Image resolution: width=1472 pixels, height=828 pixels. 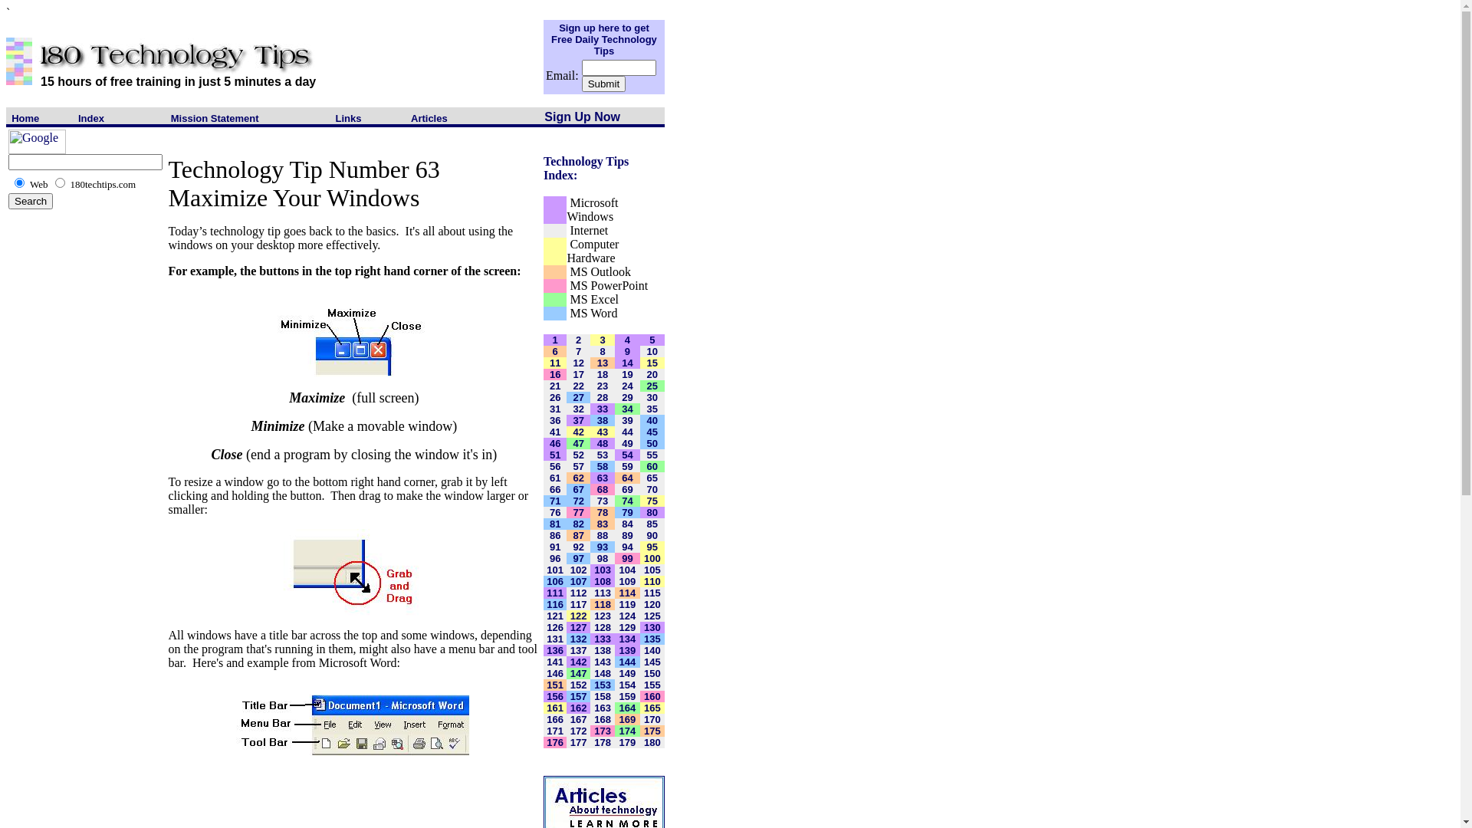 What do you see at coordinates (577, 385) in the screenshot?
I see `'22'` at bounding box center [577, 385].